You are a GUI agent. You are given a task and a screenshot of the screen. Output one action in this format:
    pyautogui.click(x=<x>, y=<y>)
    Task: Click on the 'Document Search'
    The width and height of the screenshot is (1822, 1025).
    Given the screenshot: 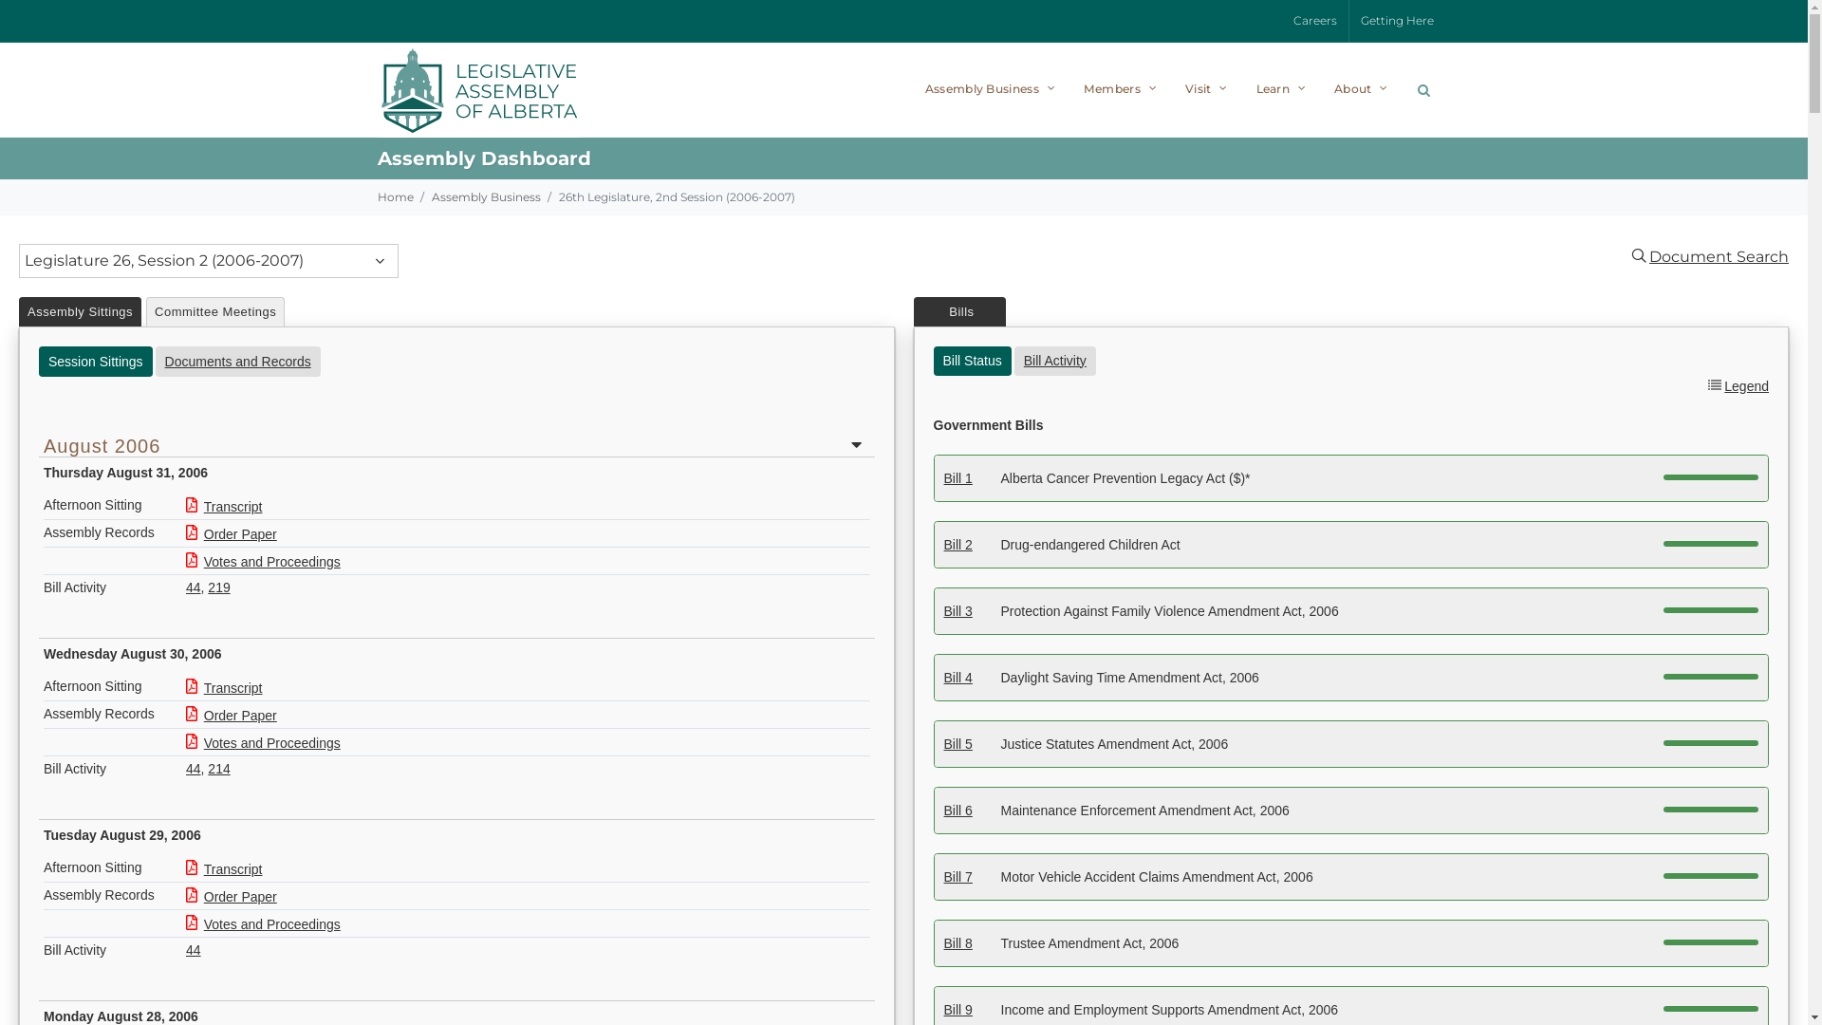 What is the action you would take?
    pyautogui.click(x=1719, y=256)
    